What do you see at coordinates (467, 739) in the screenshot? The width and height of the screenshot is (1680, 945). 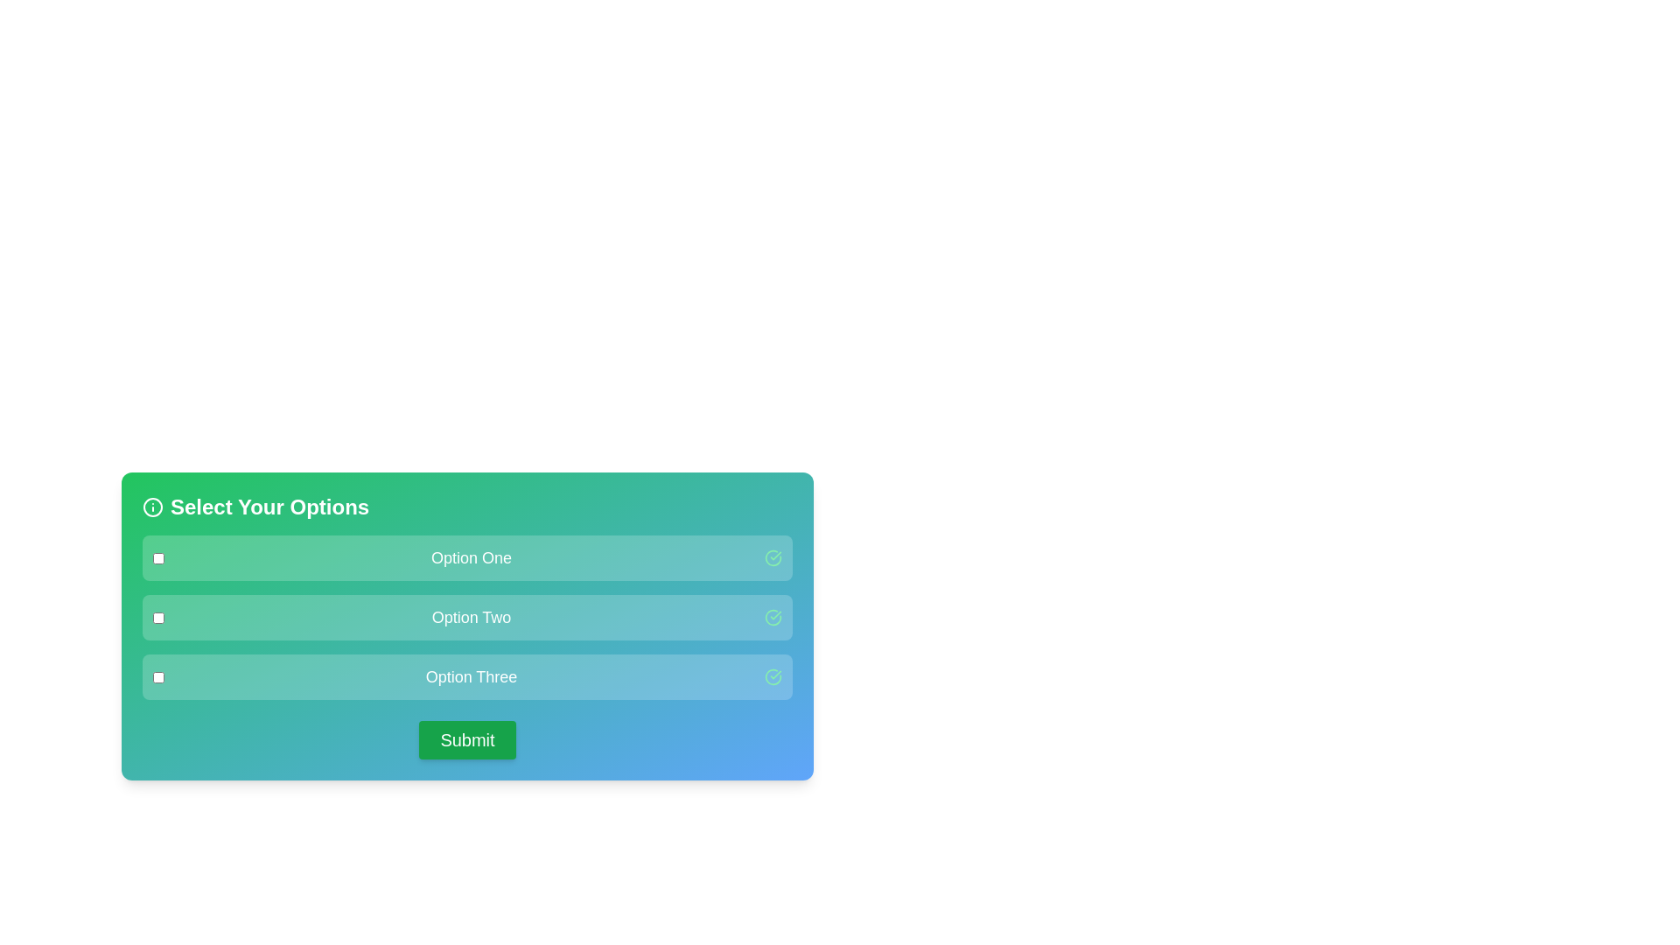 I see `the 'Submit' button to submit the selected options` at bounding box center [467, 739].